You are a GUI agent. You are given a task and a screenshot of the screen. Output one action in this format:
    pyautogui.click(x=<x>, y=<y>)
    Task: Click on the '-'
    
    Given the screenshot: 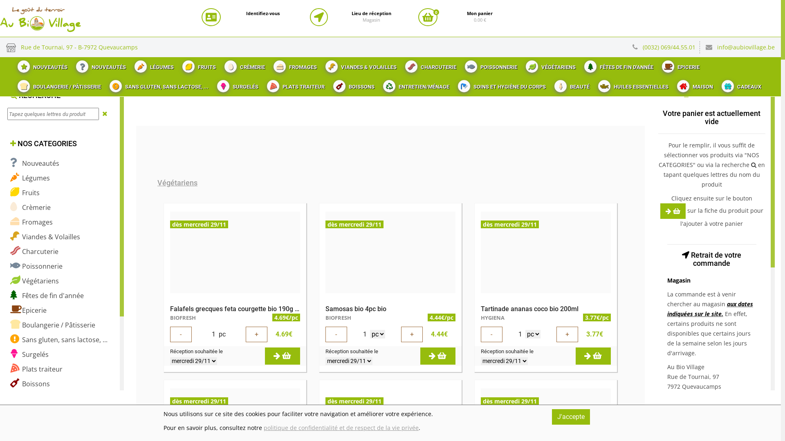 What is the action you would take?
    pyautogui.click(x=180, y=334)
    